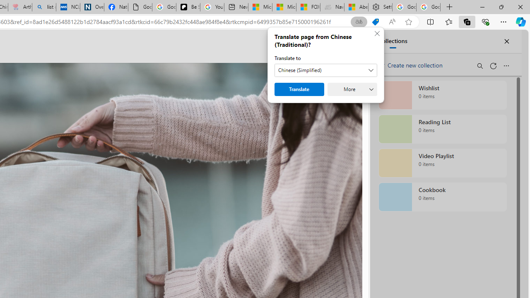 The height and width of the screenshot is (298, 530). Describe the element at coordinates (140, 7) in the screenshot. I see `'Google Analytics Opt-out Browser Add-on Download Page'` at that location.